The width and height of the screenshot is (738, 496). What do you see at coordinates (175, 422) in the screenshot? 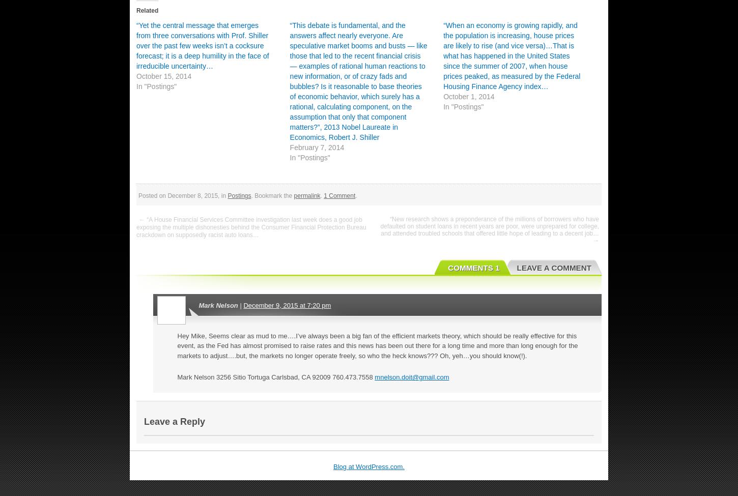
I see `'Leave a Reply'` at bounding box center [175, 422].